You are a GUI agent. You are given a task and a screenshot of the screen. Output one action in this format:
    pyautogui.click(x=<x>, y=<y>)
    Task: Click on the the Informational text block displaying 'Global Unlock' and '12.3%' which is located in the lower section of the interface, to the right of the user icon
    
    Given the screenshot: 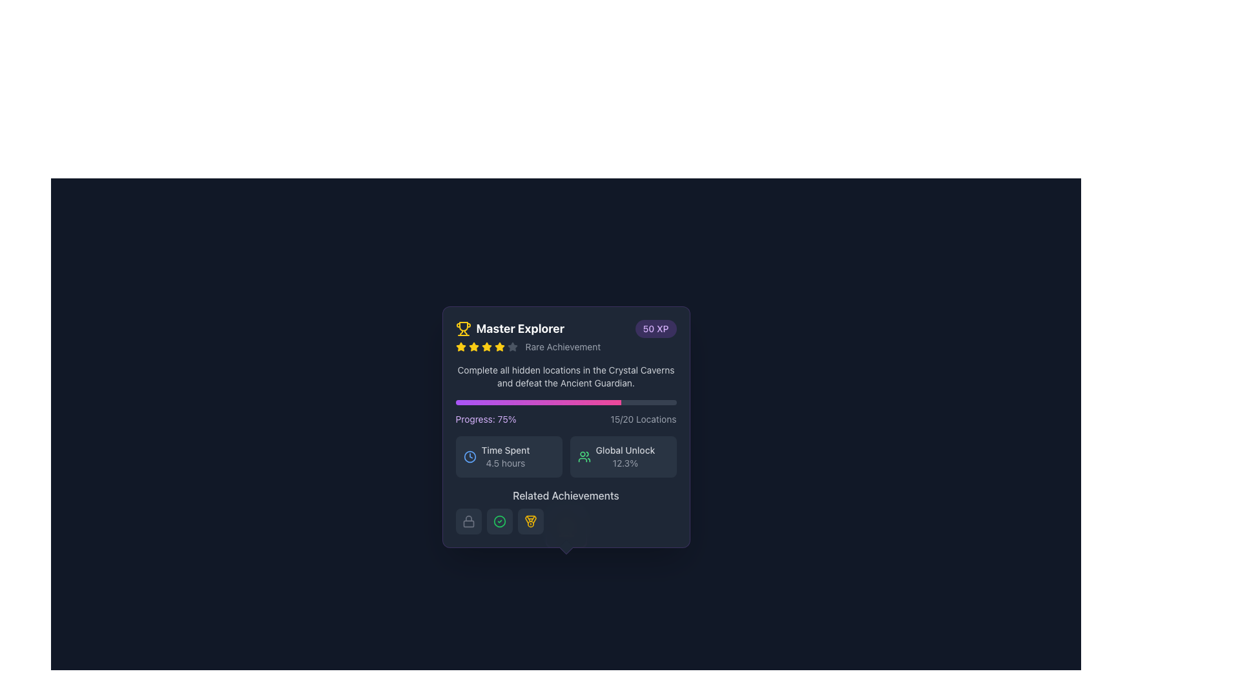 What is the action you would take?
    pyautogui.click(x=625, y=456)
    